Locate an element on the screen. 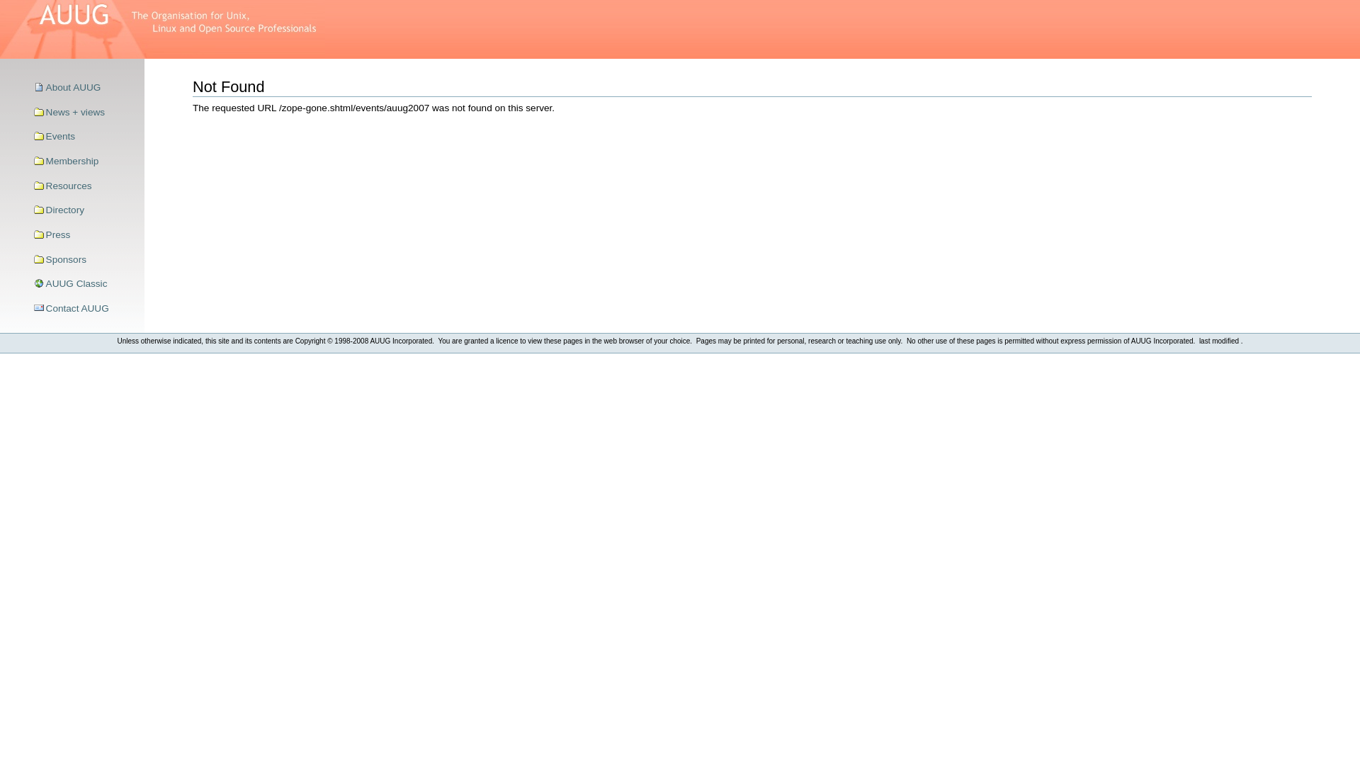  'Press' is located at coordinates (84, 234).